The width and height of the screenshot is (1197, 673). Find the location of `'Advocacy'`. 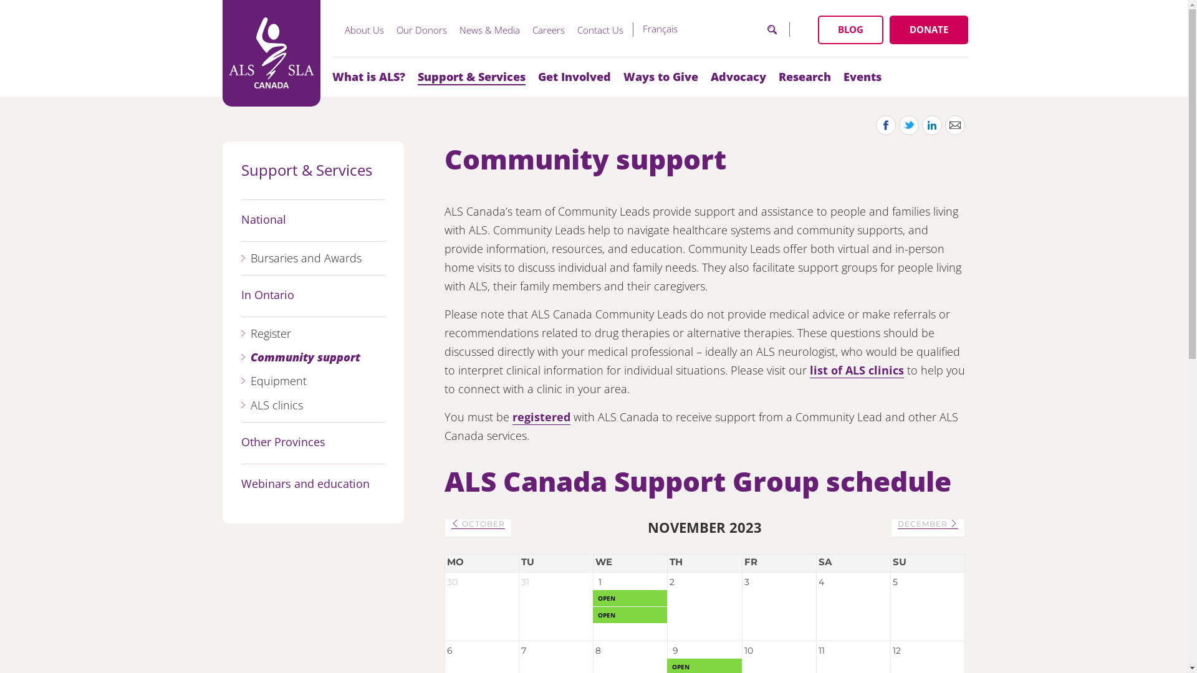

'Advocacy' is located at coordinates (711, 77).